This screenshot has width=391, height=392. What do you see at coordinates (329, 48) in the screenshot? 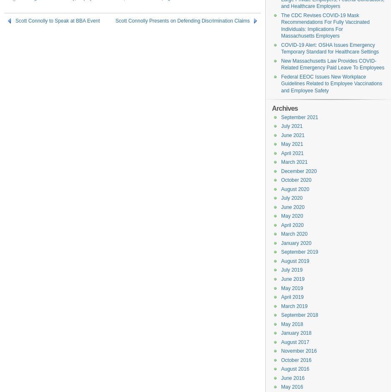
I see `'COVID-19 Alert: OSHA Issues Emergency Temporary Standard for Healthcare Settings'` at bounding box center [329, 48].